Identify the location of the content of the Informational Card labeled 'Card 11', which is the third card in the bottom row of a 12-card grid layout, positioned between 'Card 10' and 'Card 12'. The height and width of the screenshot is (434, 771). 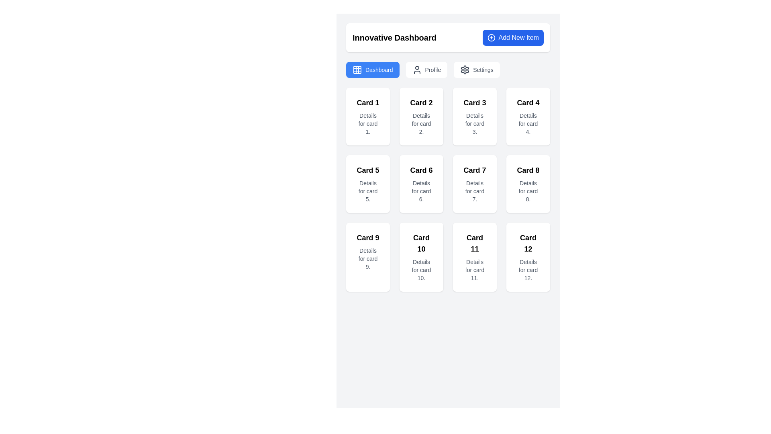
(475, 257).